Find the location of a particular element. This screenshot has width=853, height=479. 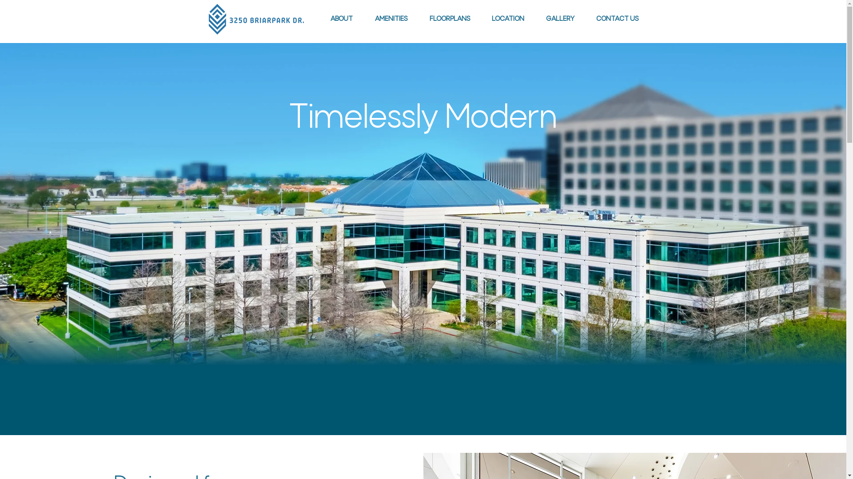

'AMENITIES' is located at coordinates (391, 19).